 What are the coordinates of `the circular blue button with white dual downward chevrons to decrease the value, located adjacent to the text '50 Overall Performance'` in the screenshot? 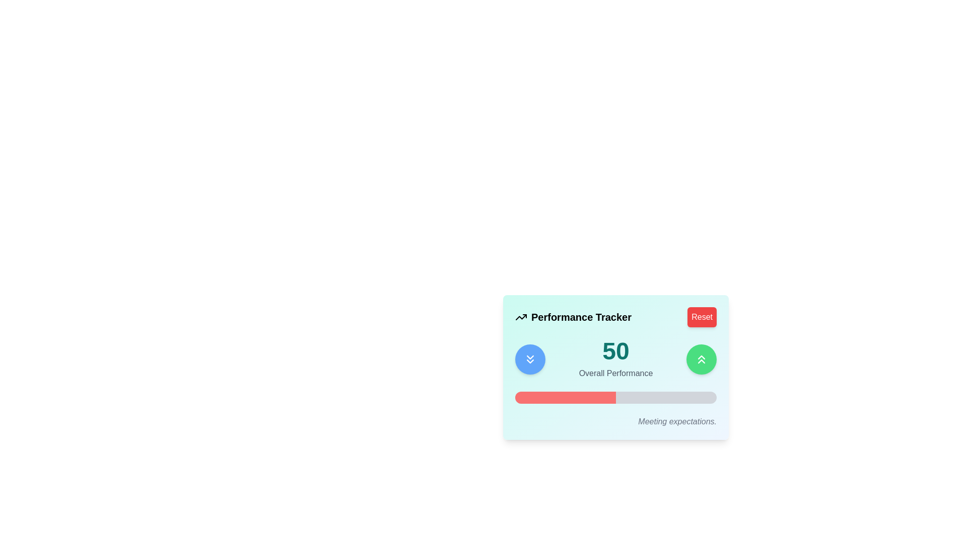 It's located at (529, 358).